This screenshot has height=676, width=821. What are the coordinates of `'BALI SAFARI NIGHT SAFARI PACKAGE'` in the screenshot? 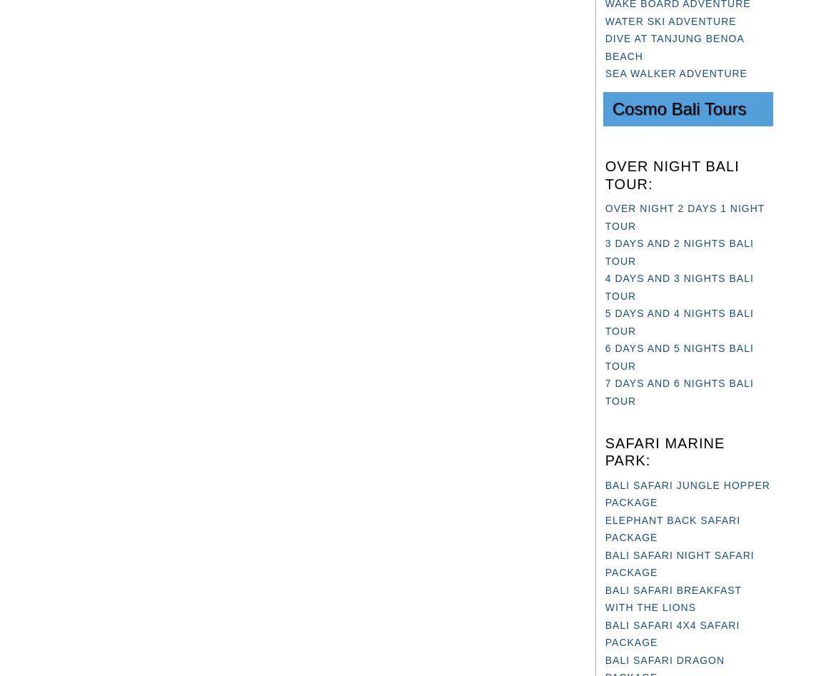 It's located at (679, 563).